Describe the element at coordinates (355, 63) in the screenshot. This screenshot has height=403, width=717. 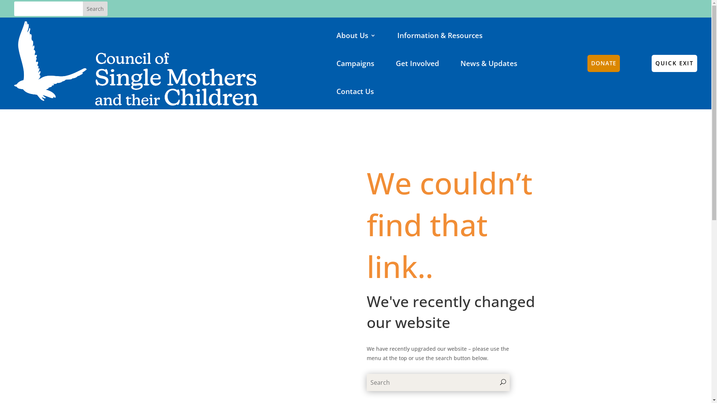
I see `'Campaigns'` at that location.